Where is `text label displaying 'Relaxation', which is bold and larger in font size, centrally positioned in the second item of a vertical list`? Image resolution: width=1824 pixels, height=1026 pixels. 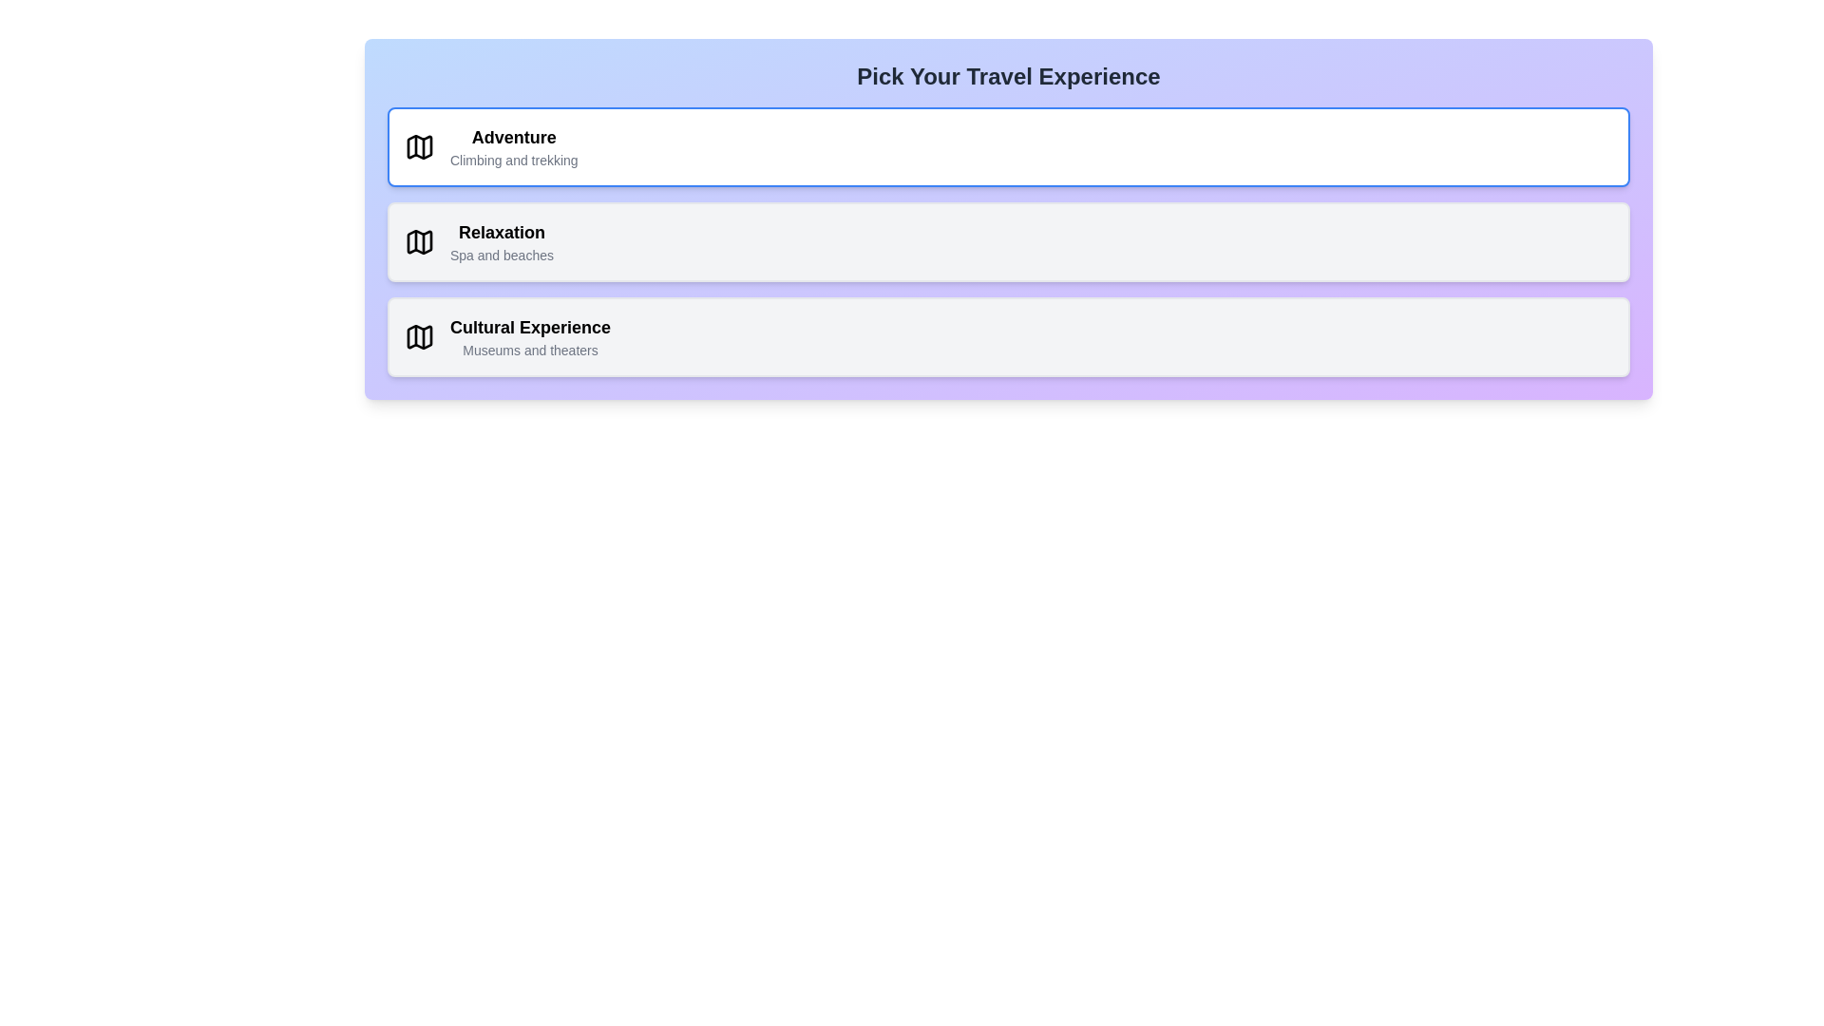
text label displaying 'Relaxation', which is bold and larger in font size, centrally positioned in the second item of a vertical list is located at coordinates (502, 232).